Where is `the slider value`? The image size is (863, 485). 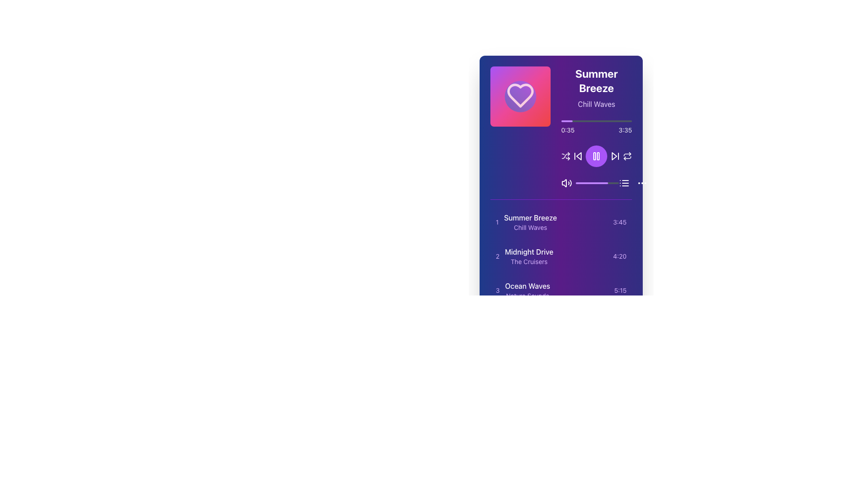
the slider value is located at coordinates (607, 183).